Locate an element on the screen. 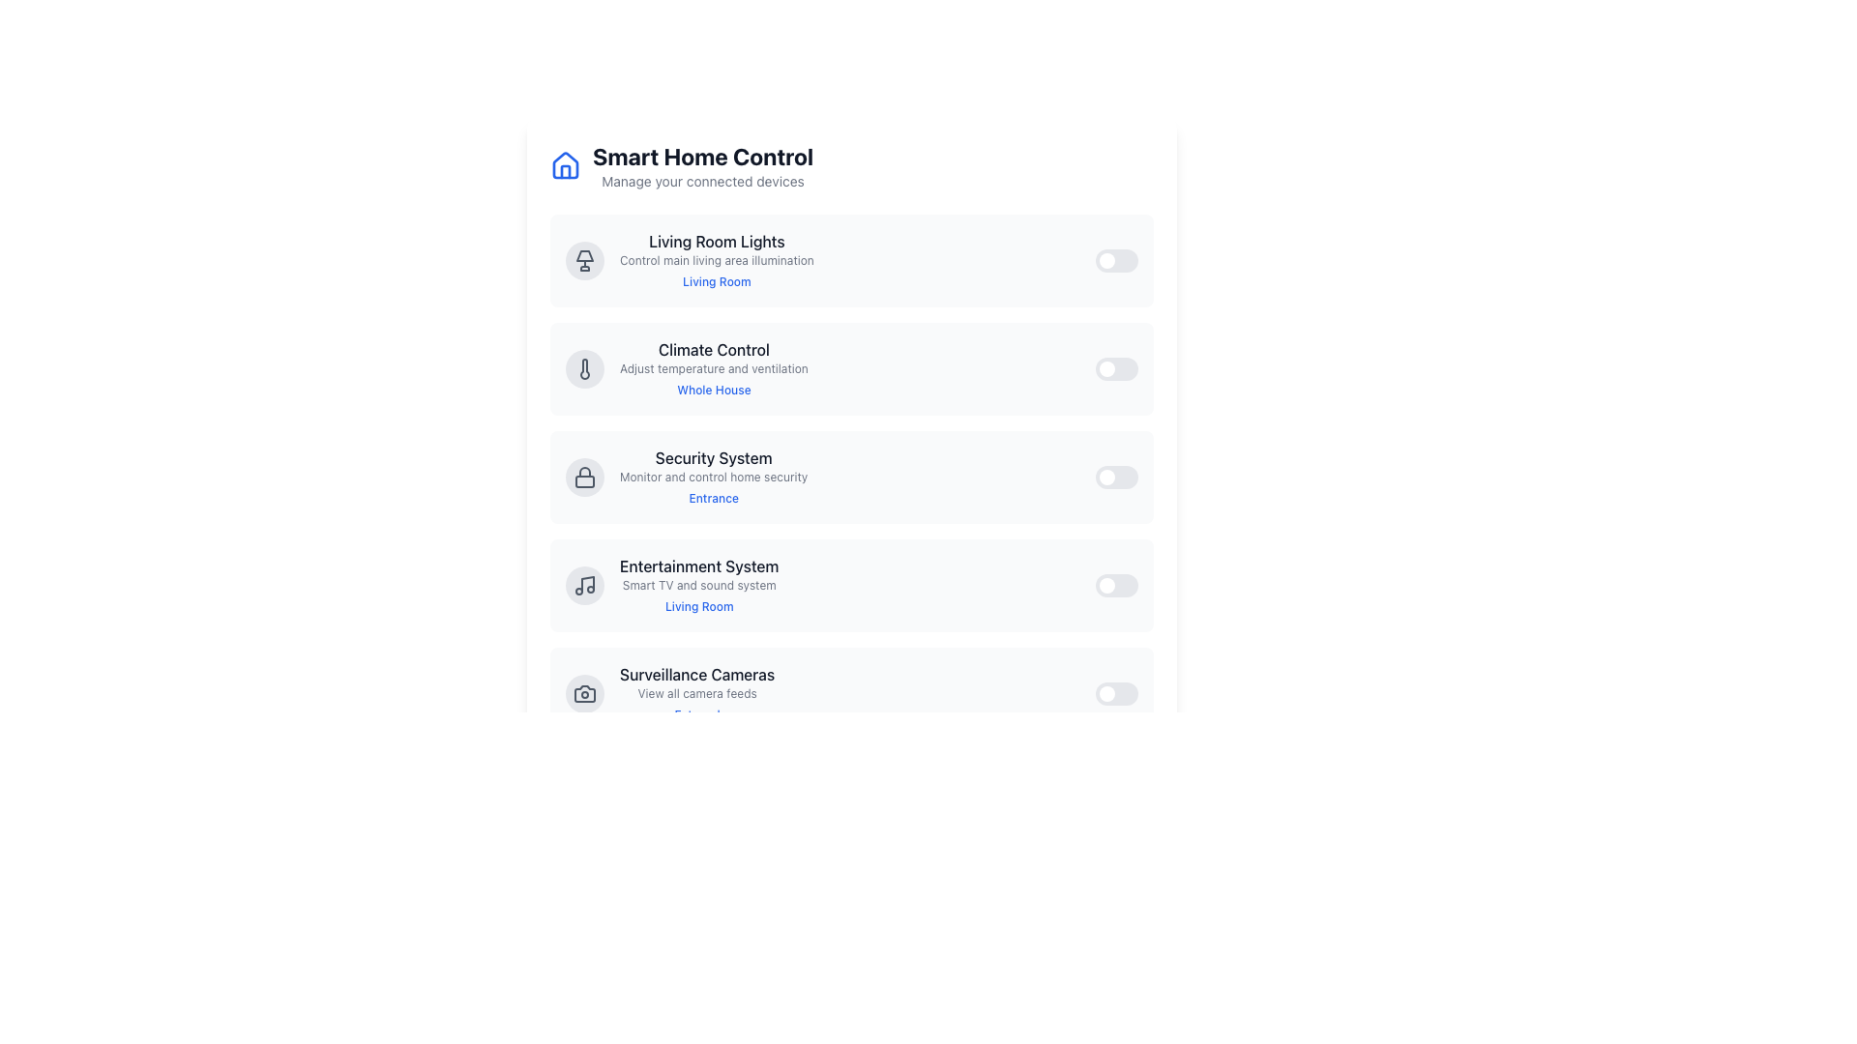 This screenshot has height=1044, width=1857. the toggle switch located in the bottom-right corner of the 'Surveillance Cameras' section is located at coordinates (1117, 692).